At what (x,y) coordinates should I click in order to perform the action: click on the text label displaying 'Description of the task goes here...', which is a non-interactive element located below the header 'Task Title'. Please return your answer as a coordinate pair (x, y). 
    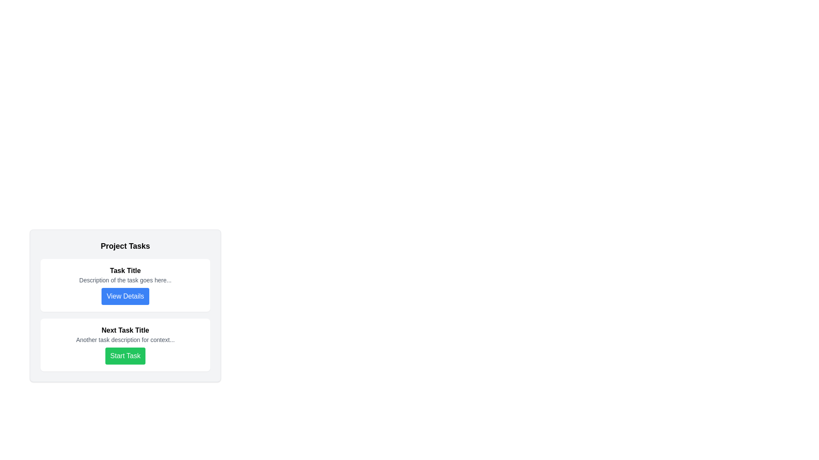
    Looking at the image, I should click on (125, 280).